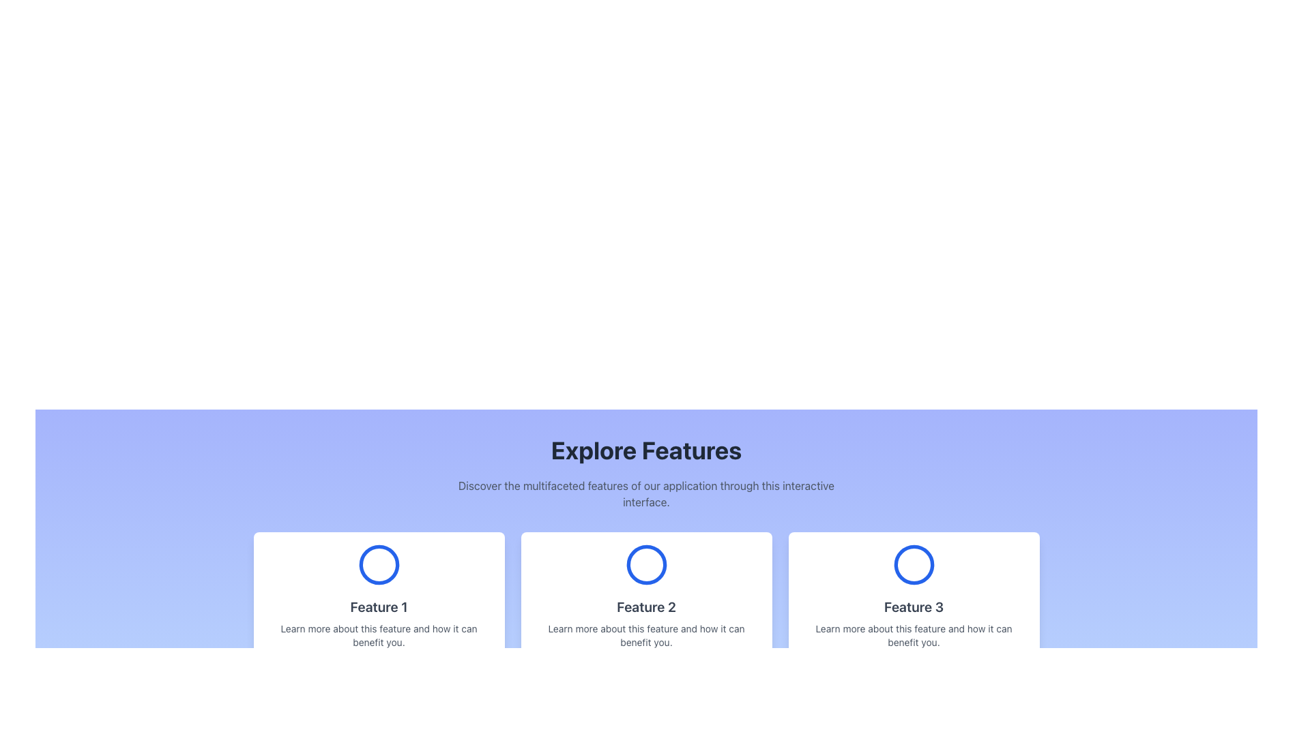 This screenshot has height=736, width=1310. I want to click on the text element 'Explore Features' which is styled in bold, large font and is prominently displayed on a blue background, so click(645, 450).